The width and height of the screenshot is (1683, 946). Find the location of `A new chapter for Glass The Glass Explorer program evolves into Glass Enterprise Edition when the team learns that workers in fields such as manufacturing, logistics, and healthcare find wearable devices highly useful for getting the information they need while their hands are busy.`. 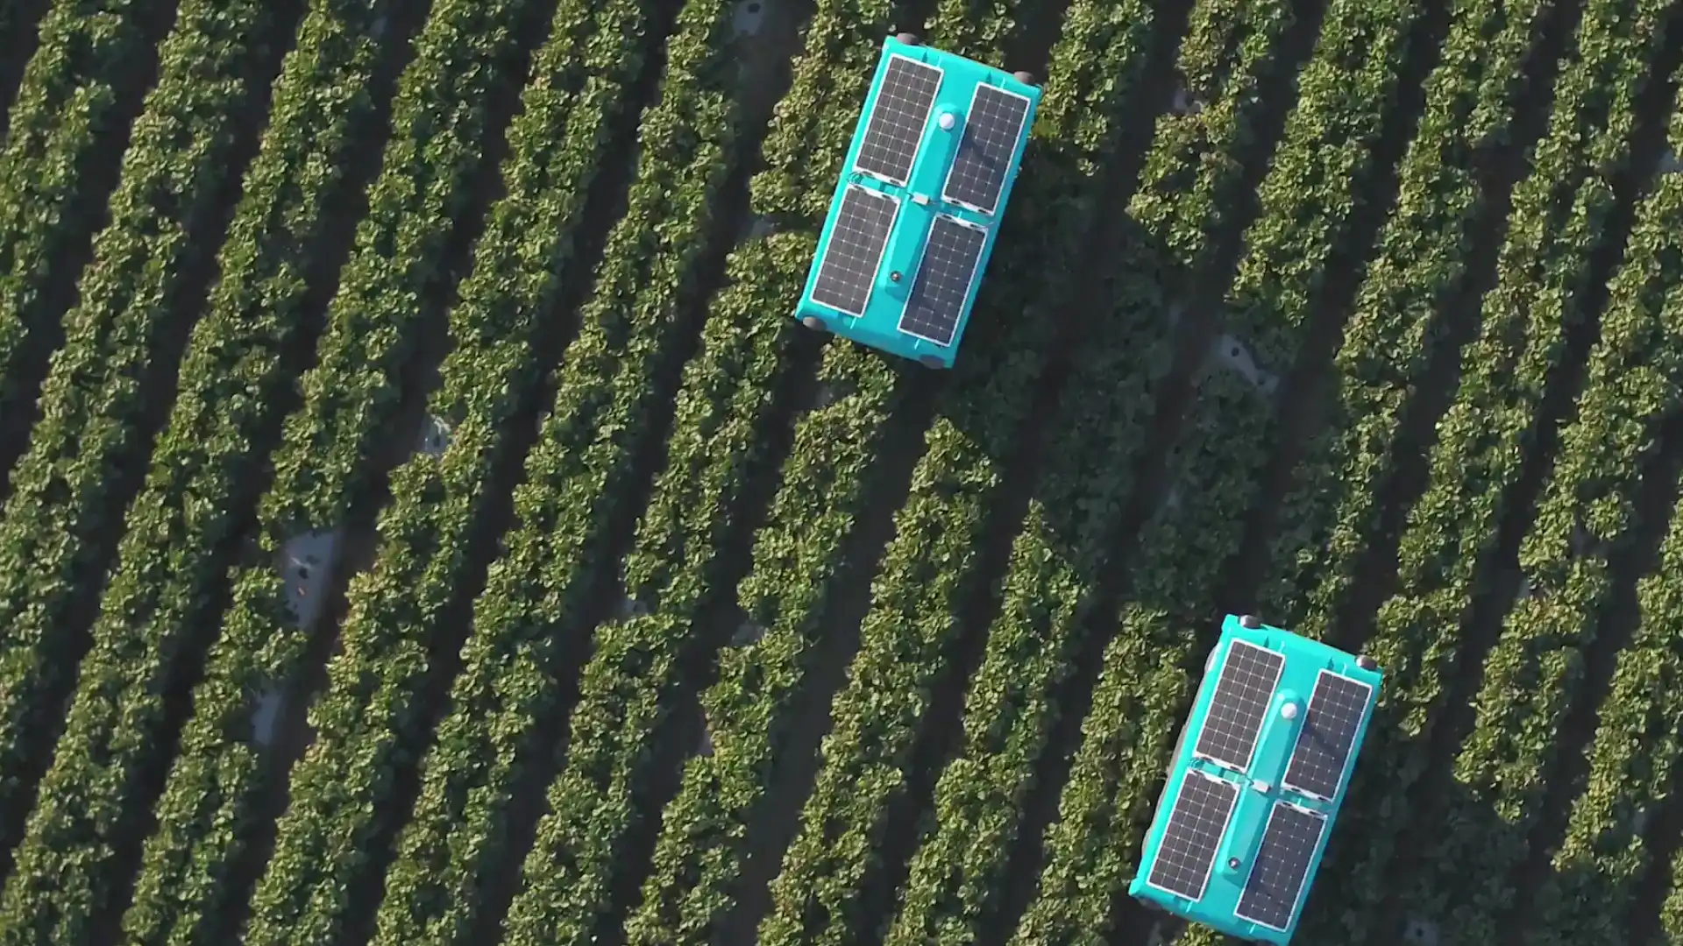

A new chapter for Glass The Glass Explorer program evolves into Glass Enterprise Edition when the team learns that workers in fields such as manufacturing, logistics, and healthcare find wearable devices highly useful for getting the information they need while their hands are busy. is located at coordinates (888, 299).